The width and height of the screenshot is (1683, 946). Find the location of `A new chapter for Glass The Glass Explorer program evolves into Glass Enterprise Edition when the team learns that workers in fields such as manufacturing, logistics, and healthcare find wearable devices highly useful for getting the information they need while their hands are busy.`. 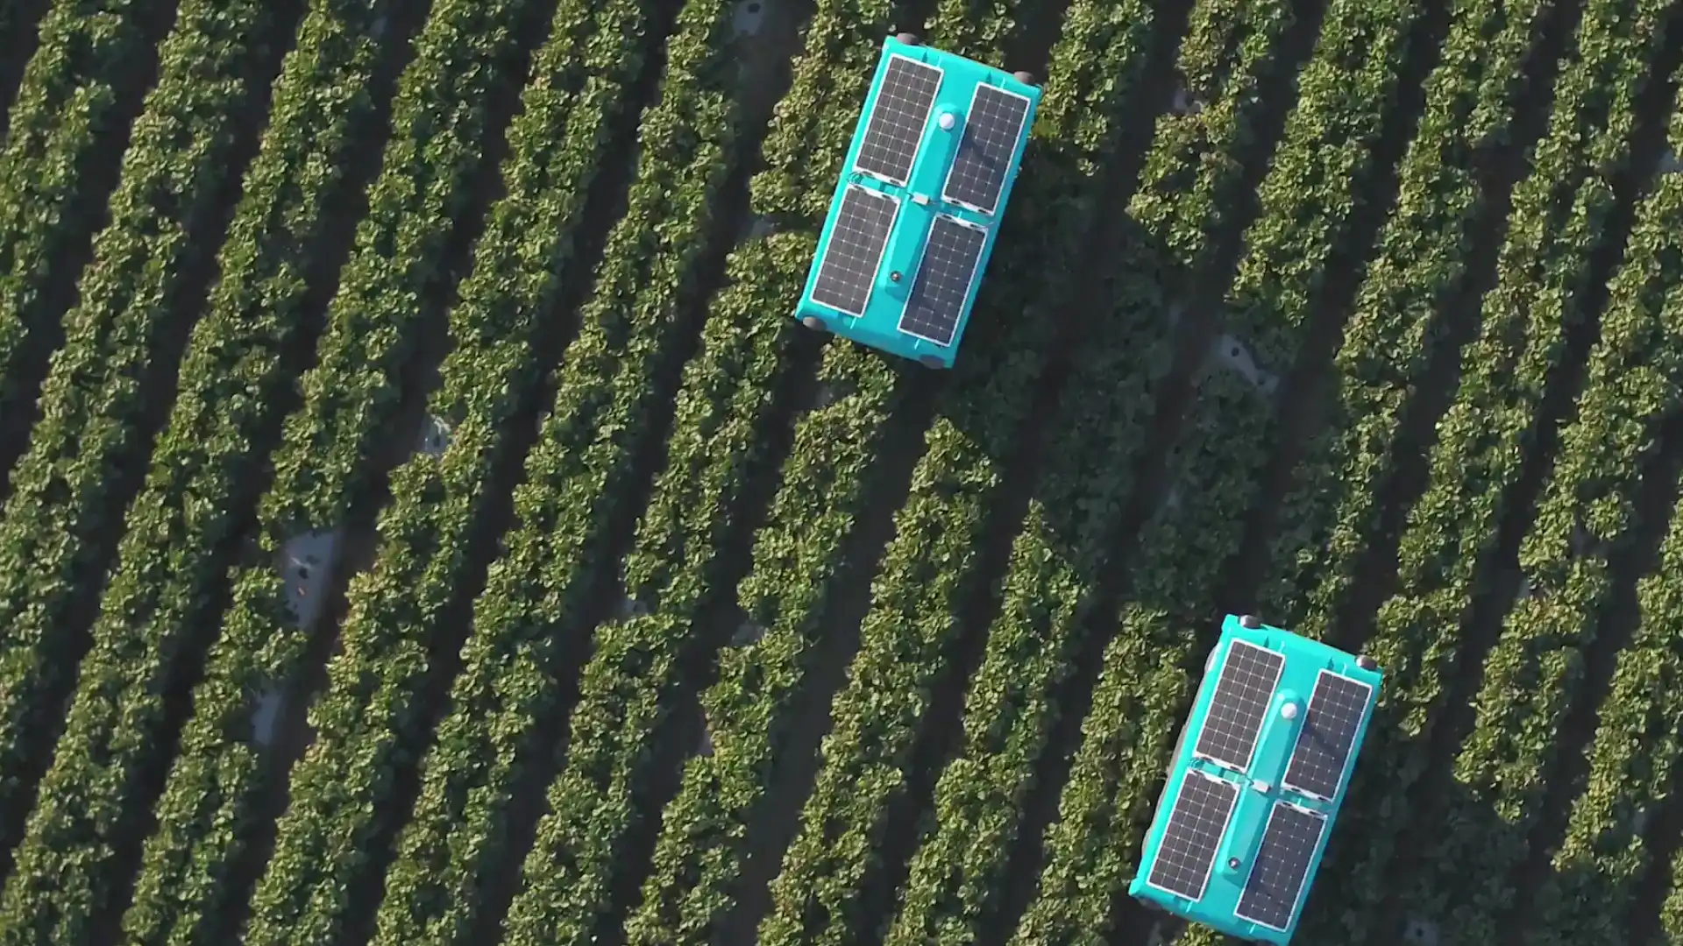

A new chapter for Glass The Glass Explorer program evolves into Glass Enterprise Edition when the team learns that workers in fields such as manufacturing, logistics, and healthcare find wearable devices highly useful for getting the information they need while their hands are busy. is located at coordinates (888, 299).